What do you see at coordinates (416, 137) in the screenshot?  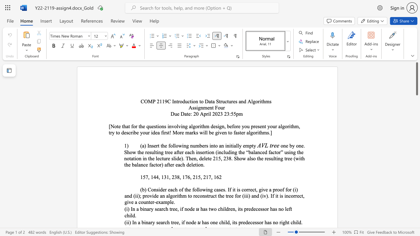 I see `the side scrollbar to bring the page down` at bounding box center [416, 137].